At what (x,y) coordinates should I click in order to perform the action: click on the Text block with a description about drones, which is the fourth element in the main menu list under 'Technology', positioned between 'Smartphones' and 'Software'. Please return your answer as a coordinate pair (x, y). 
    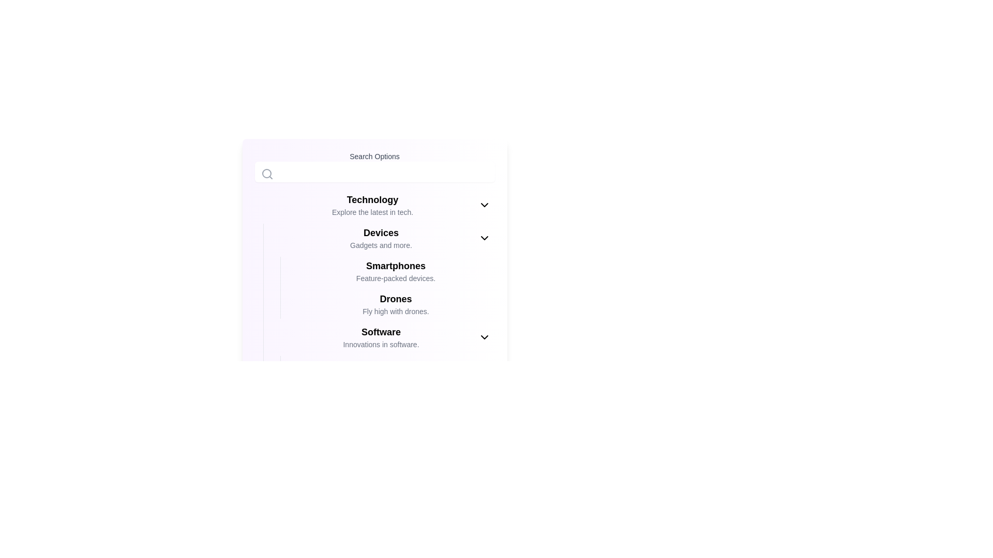
    Looking at the image, I should click on (374, 304).